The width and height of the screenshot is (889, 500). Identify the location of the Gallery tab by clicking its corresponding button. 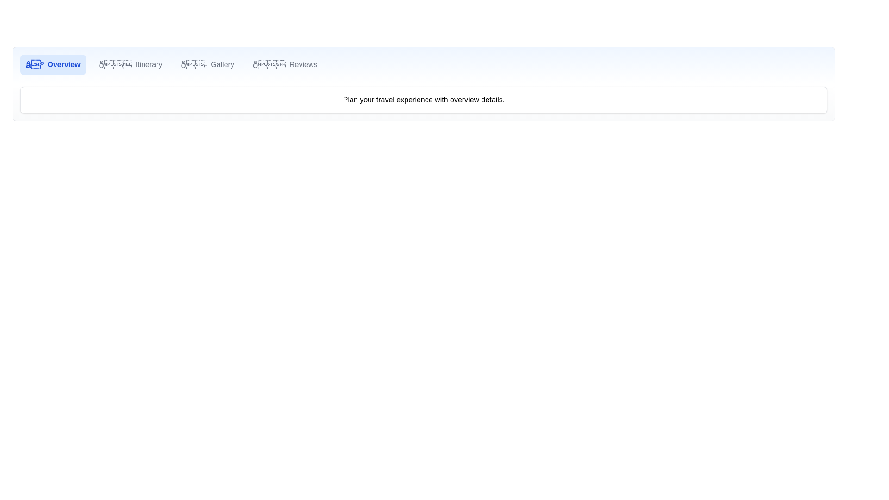
(207, 64).